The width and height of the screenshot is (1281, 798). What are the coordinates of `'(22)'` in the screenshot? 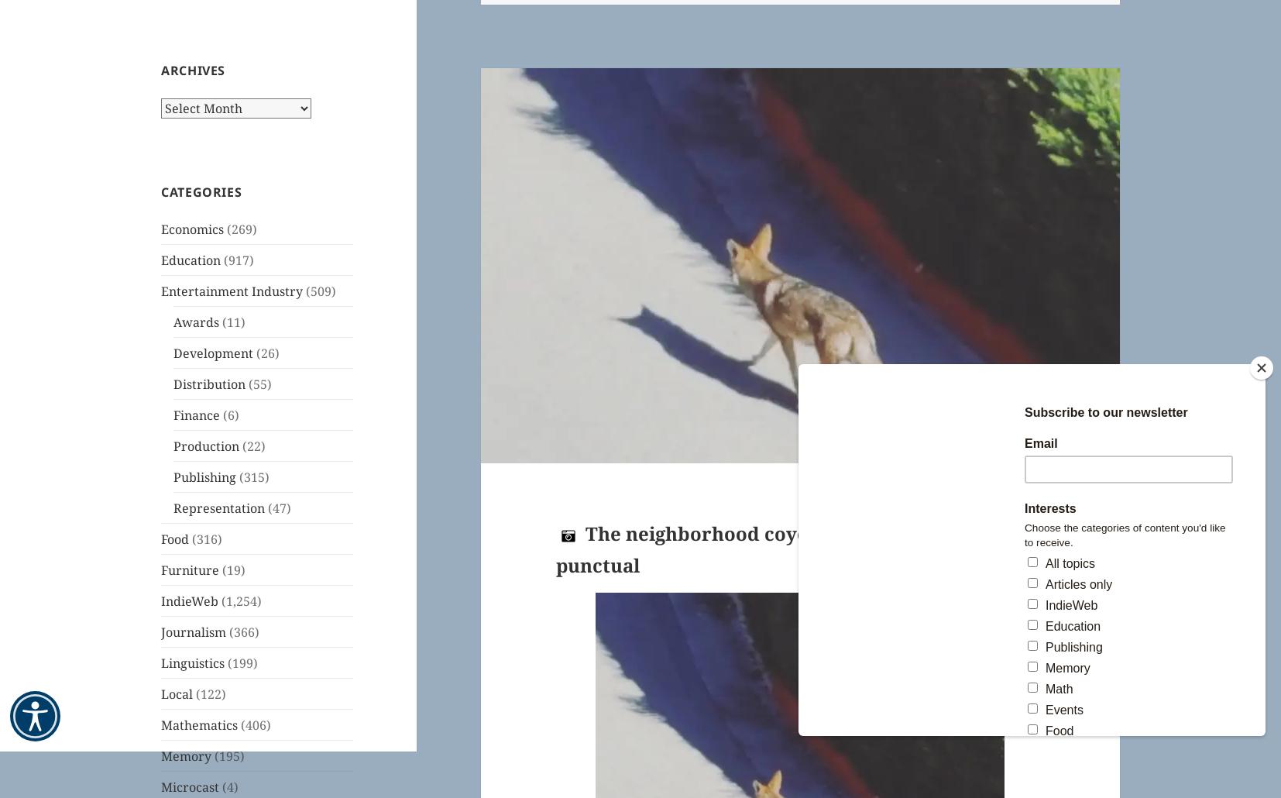 It's located at (252, 445).